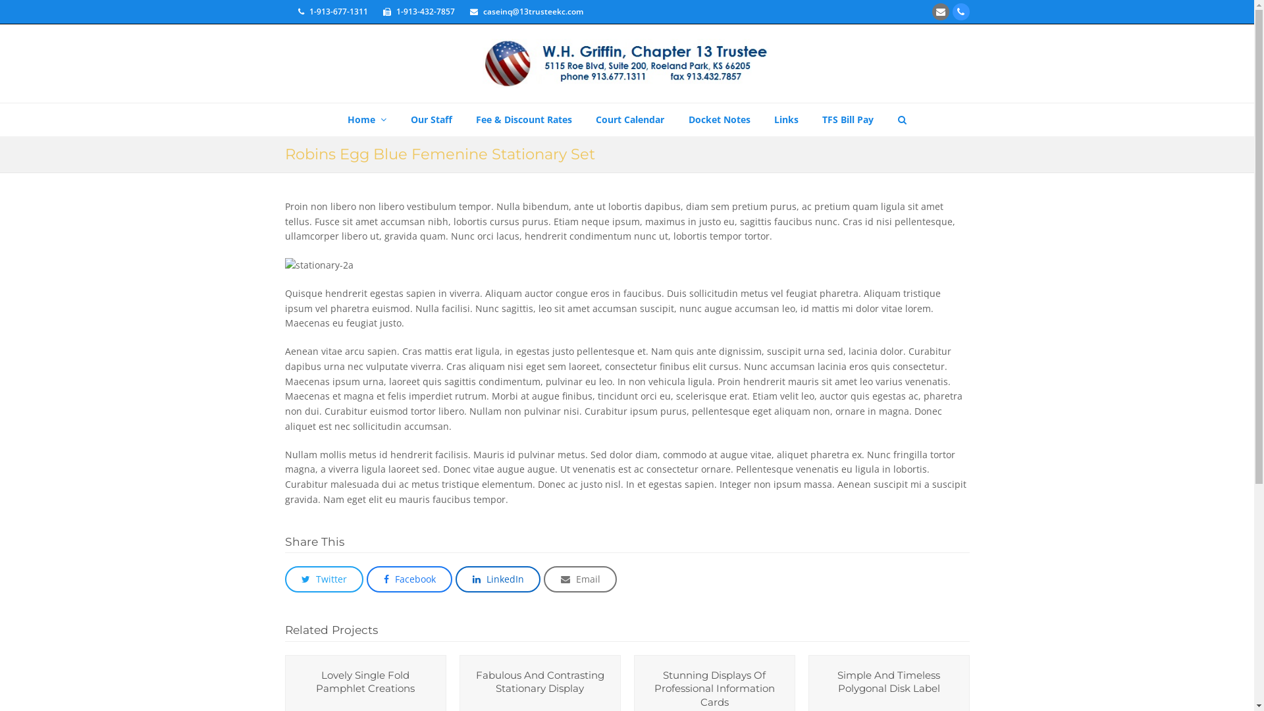 Image resolution: width=1264 pixels, height=711 pixels. I want to click on 'TFS Bill Pay', so click(847, 119).